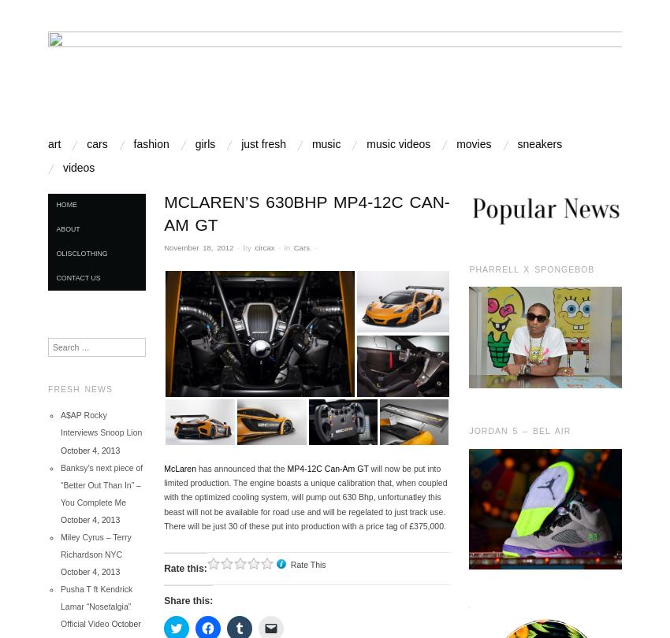  I want to click on 'Cars', so click(300, 246).